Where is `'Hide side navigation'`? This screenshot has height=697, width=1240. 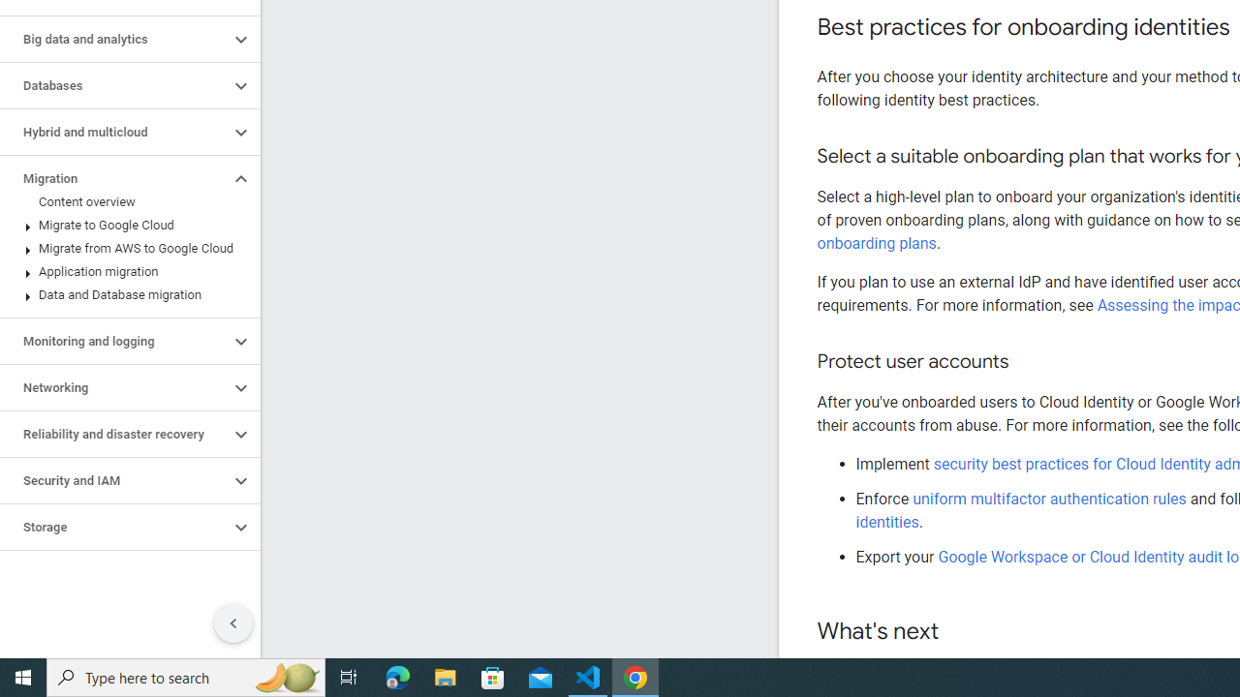
'Hide side navigation' is located at coordinates (232, 623).